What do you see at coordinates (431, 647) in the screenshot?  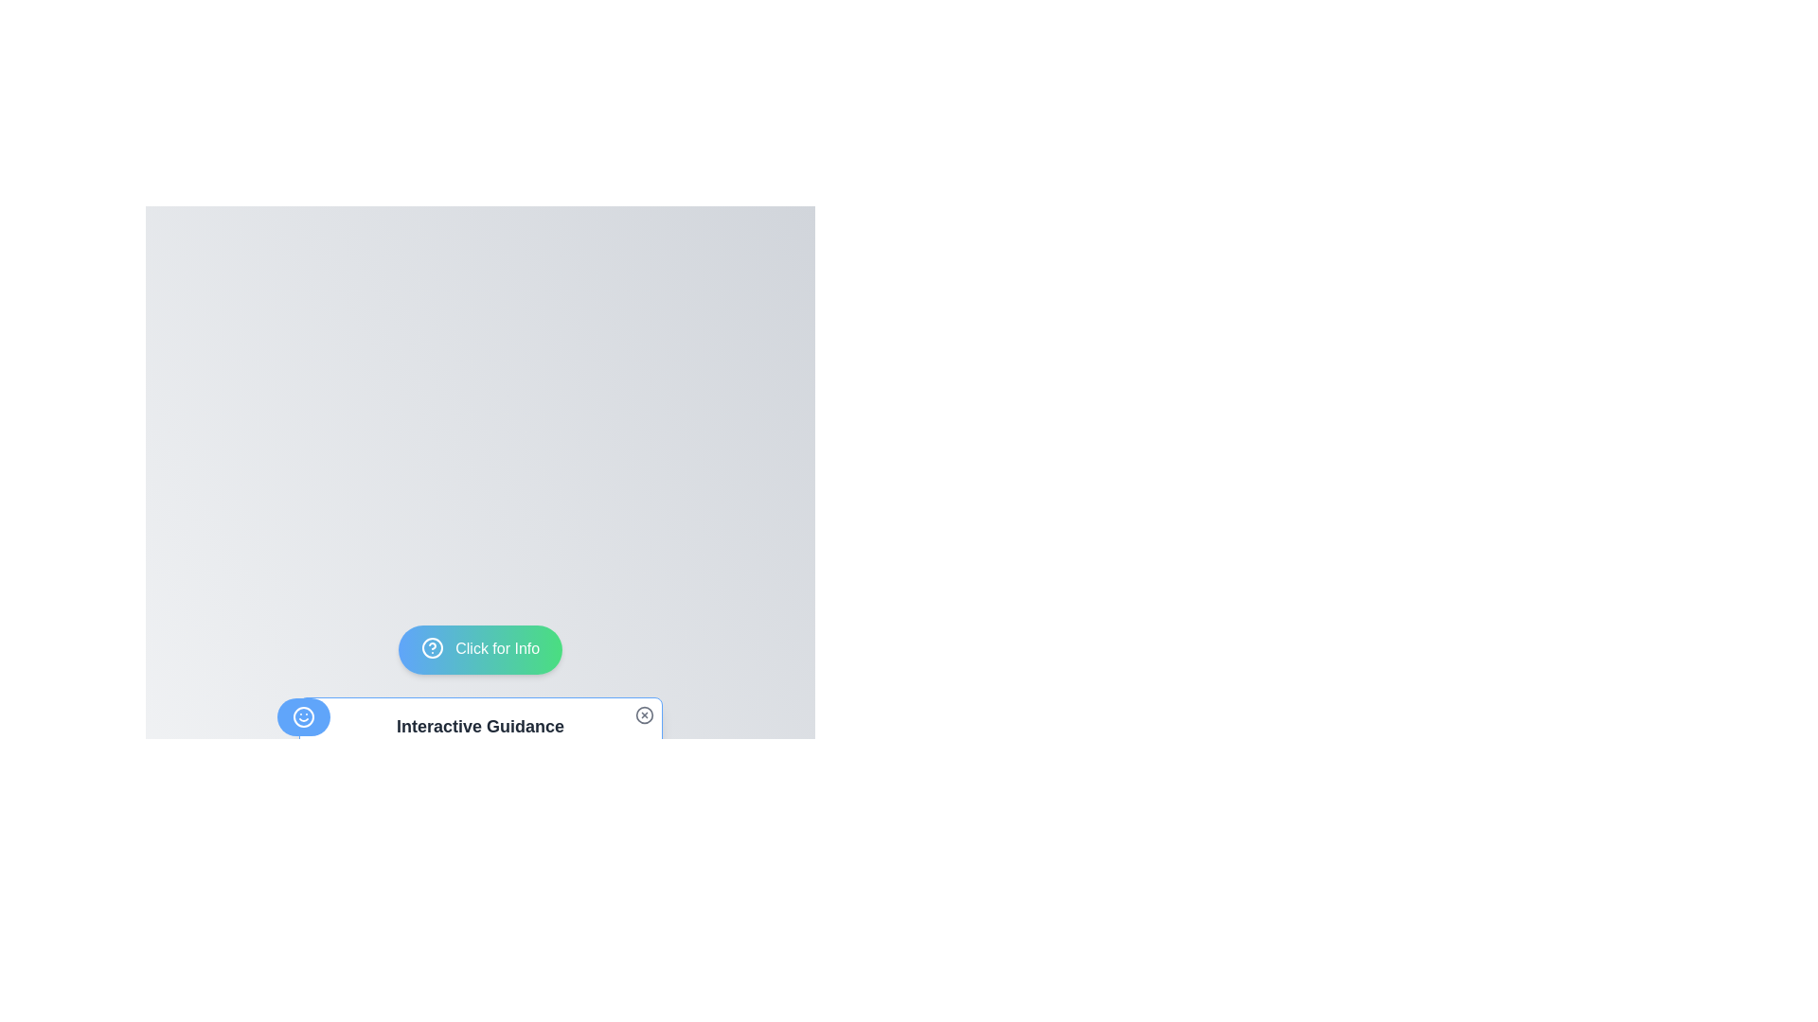 I see `the informational icon located on the far left of the 'Click for Info' button at the bottom center of the interface` at bounding box center [431, 647].